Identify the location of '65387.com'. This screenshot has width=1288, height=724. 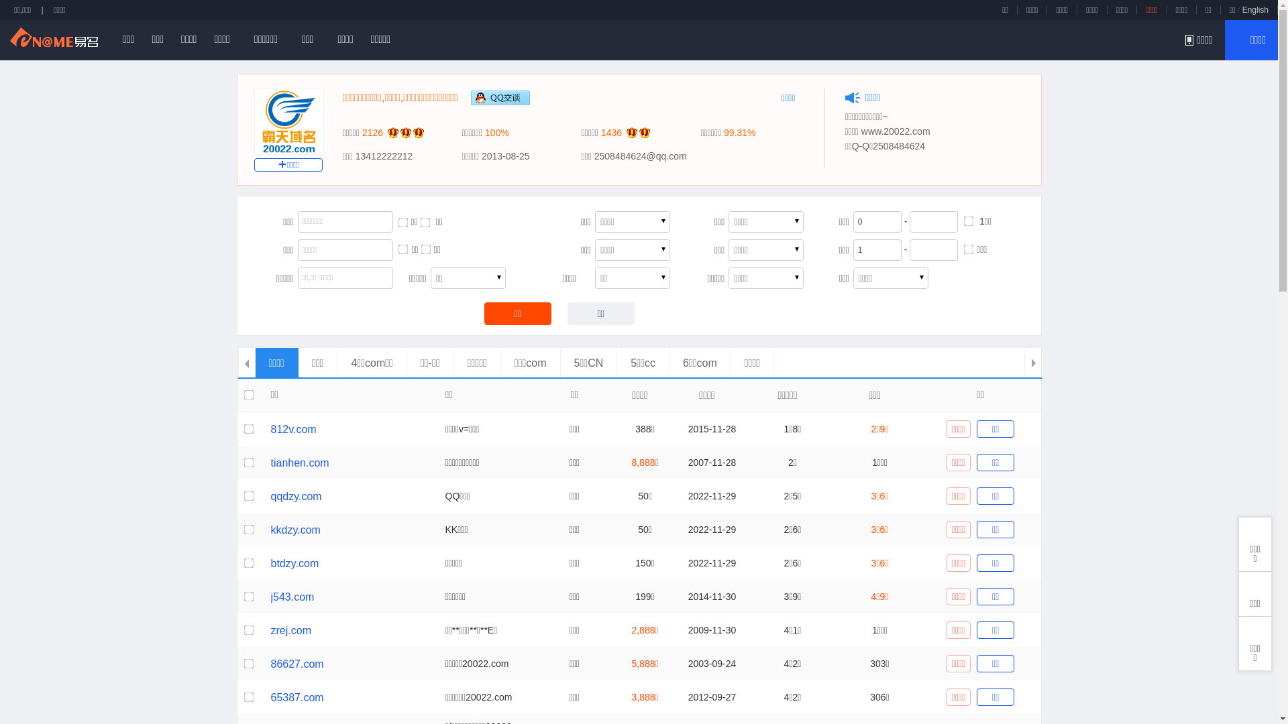
(297, 697).